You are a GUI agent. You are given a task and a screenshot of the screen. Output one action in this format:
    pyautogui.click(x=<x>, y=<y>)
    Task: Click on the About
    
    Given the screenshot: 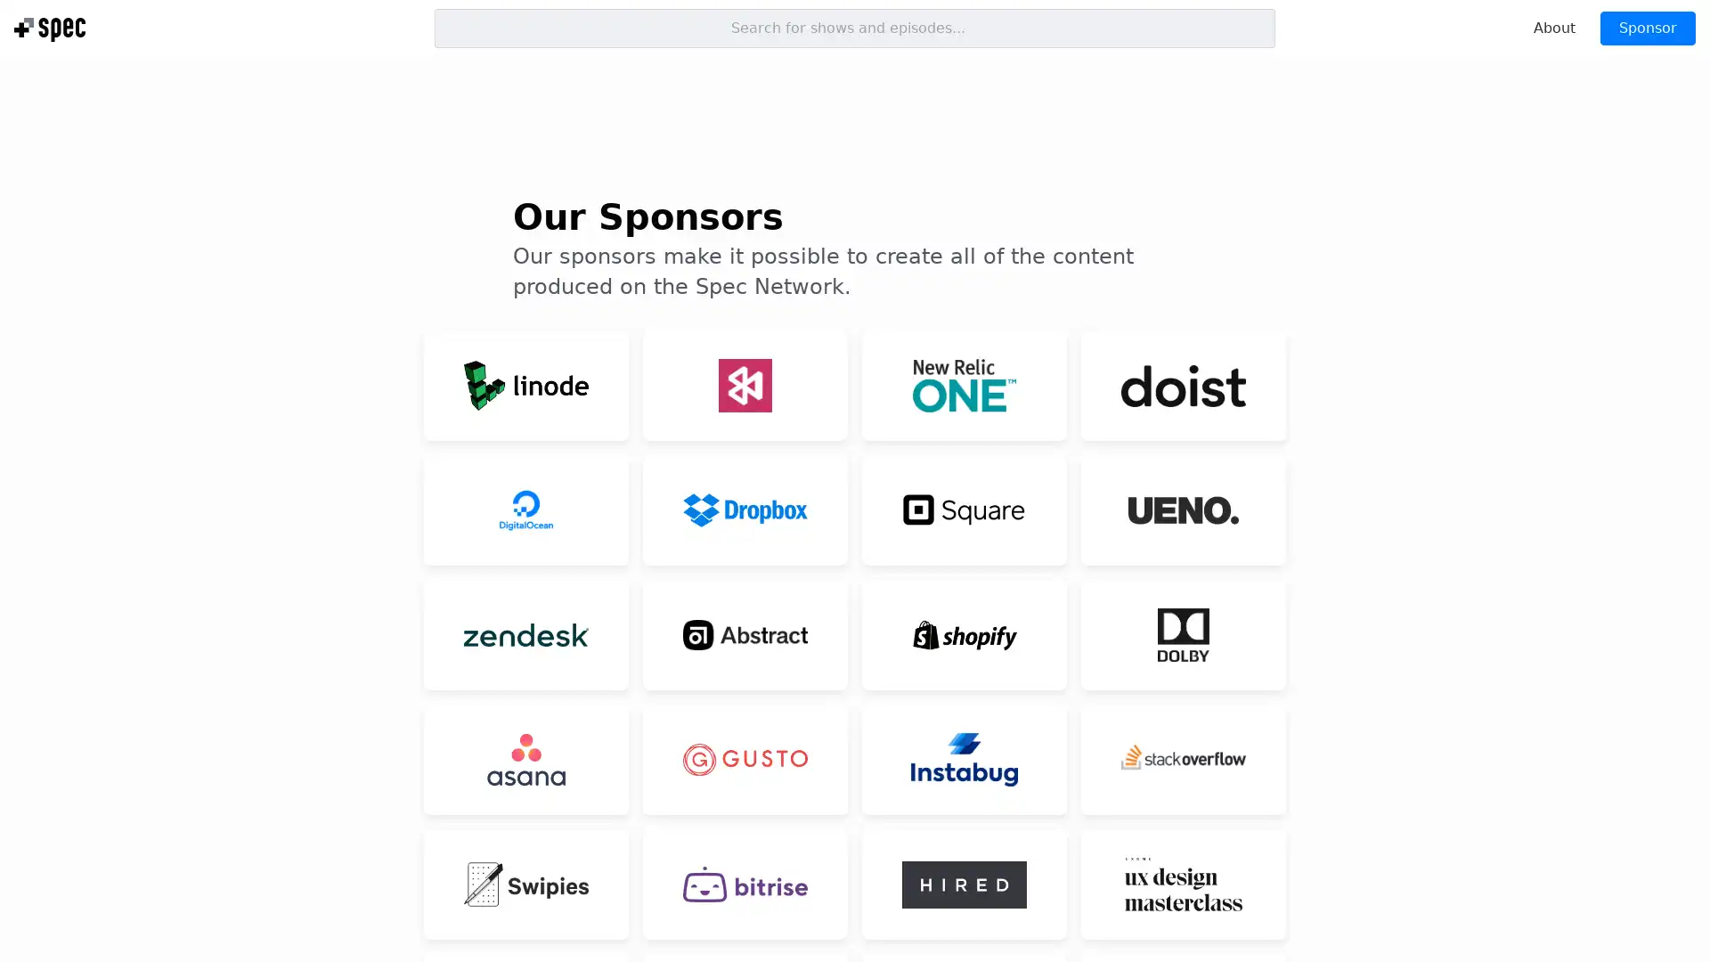 What is the action you would take?
    pyautogui.click(x=1553, y=34)
    